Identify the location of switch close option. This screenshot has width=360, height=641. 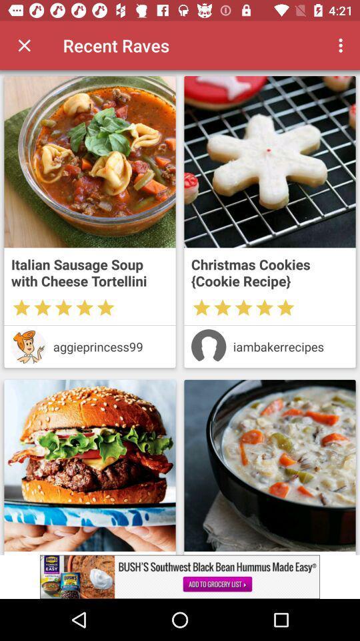
(24, 45).